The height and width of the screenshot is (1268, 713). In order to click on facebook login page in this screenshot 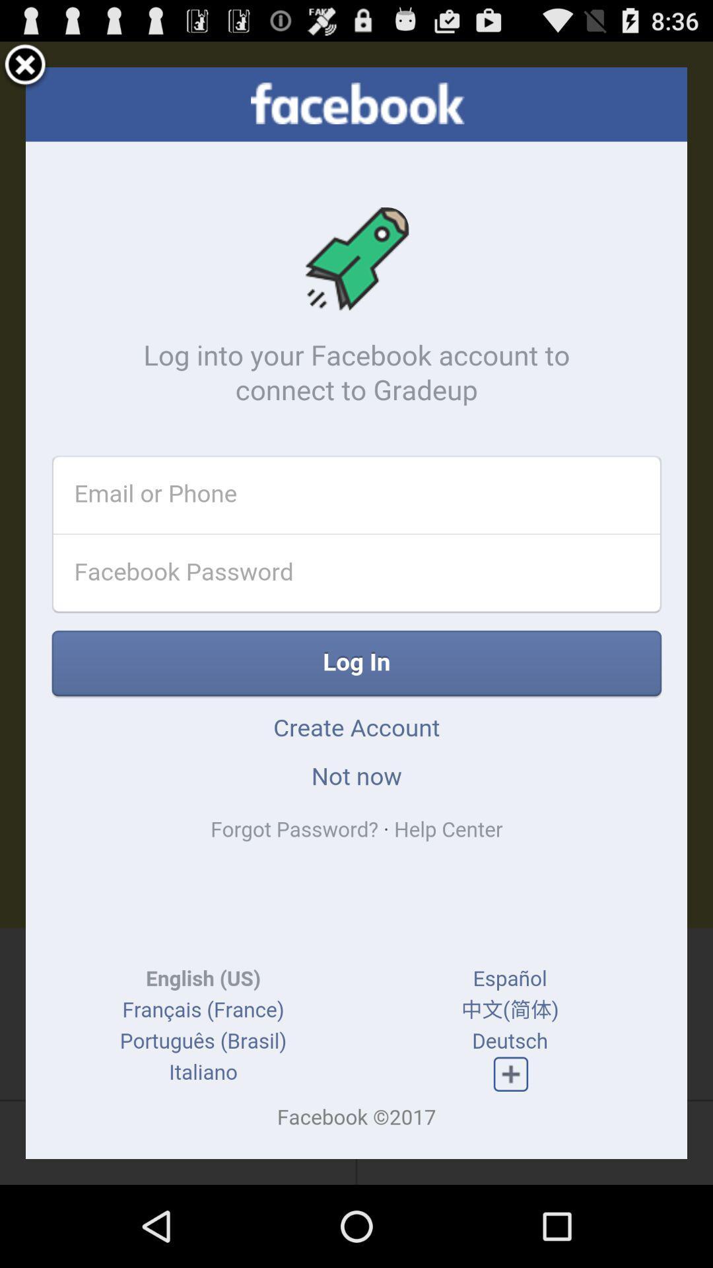, I will do `click(356, 612)`.